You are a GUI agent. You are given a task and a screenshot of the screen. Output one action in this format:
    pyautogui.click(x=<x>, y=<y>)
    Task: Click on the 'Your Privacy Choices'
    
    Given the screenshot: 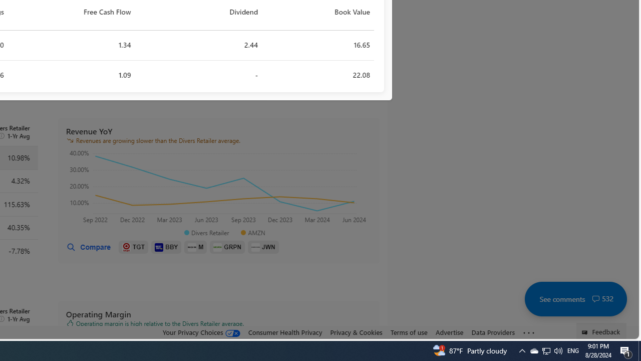 What is the action you would take?
    pyautogui.click(x=200, y=332)
    